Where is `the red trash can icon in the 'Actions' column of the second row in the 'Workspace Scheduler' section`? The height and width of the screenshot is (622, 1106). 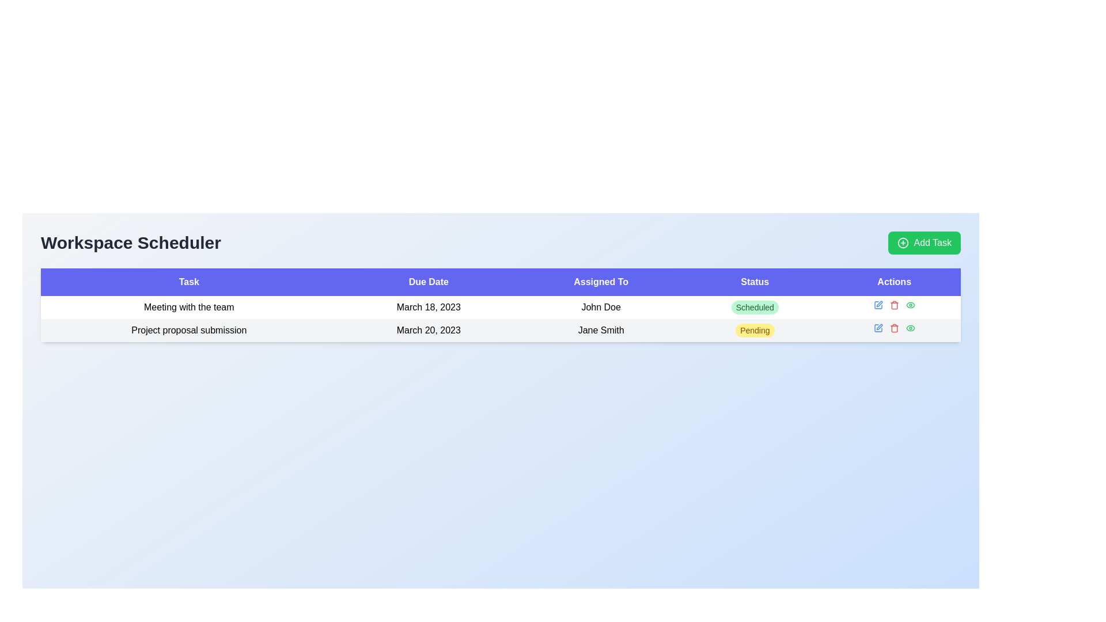
the red trash can icon in the 'Actions' column of the second row in the 'Workspace Scheduler' section is located at coordinates (893, 328).